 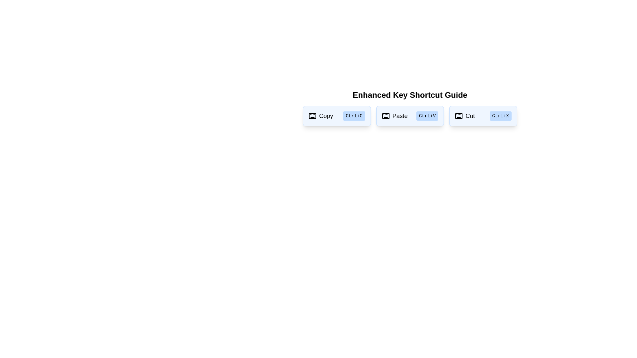 What do you see at coordinates (312, 116) in the screenshot?
I see `the rectangular graphical element representing the key area on the keyboard icon within the SVG illustration` at bounding box center [312, 116].